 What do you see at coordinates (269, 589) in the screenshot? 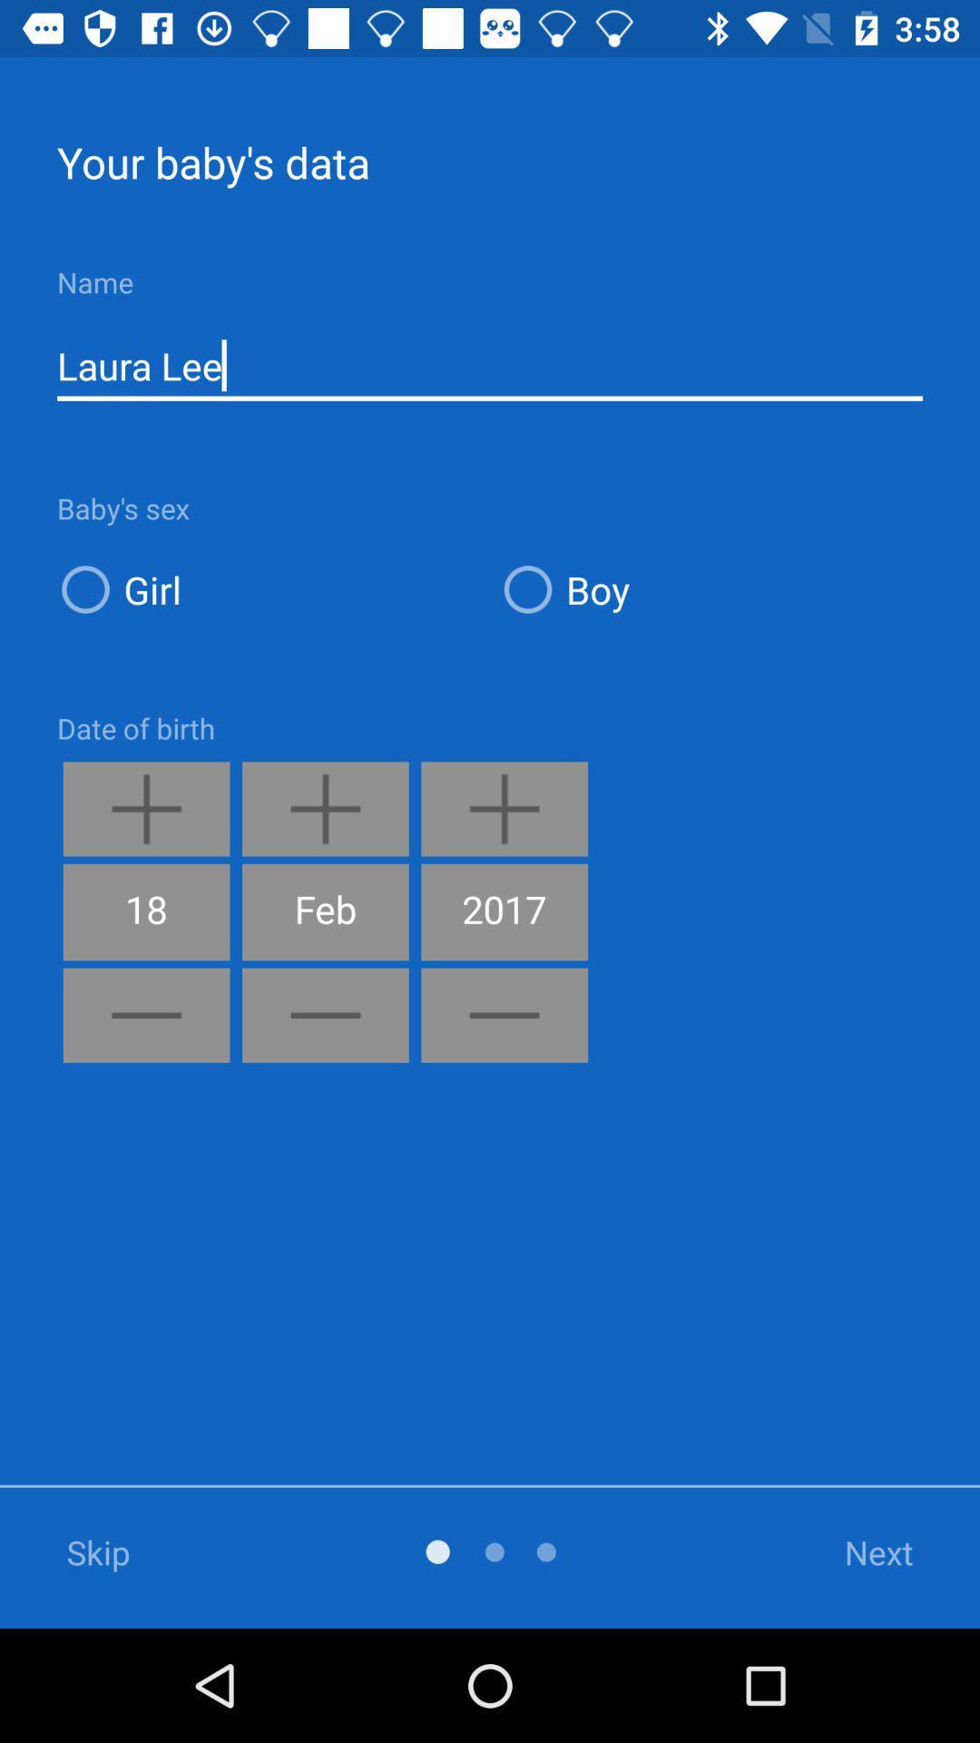
I see `the girl icon` at bounding box center [269, 589].